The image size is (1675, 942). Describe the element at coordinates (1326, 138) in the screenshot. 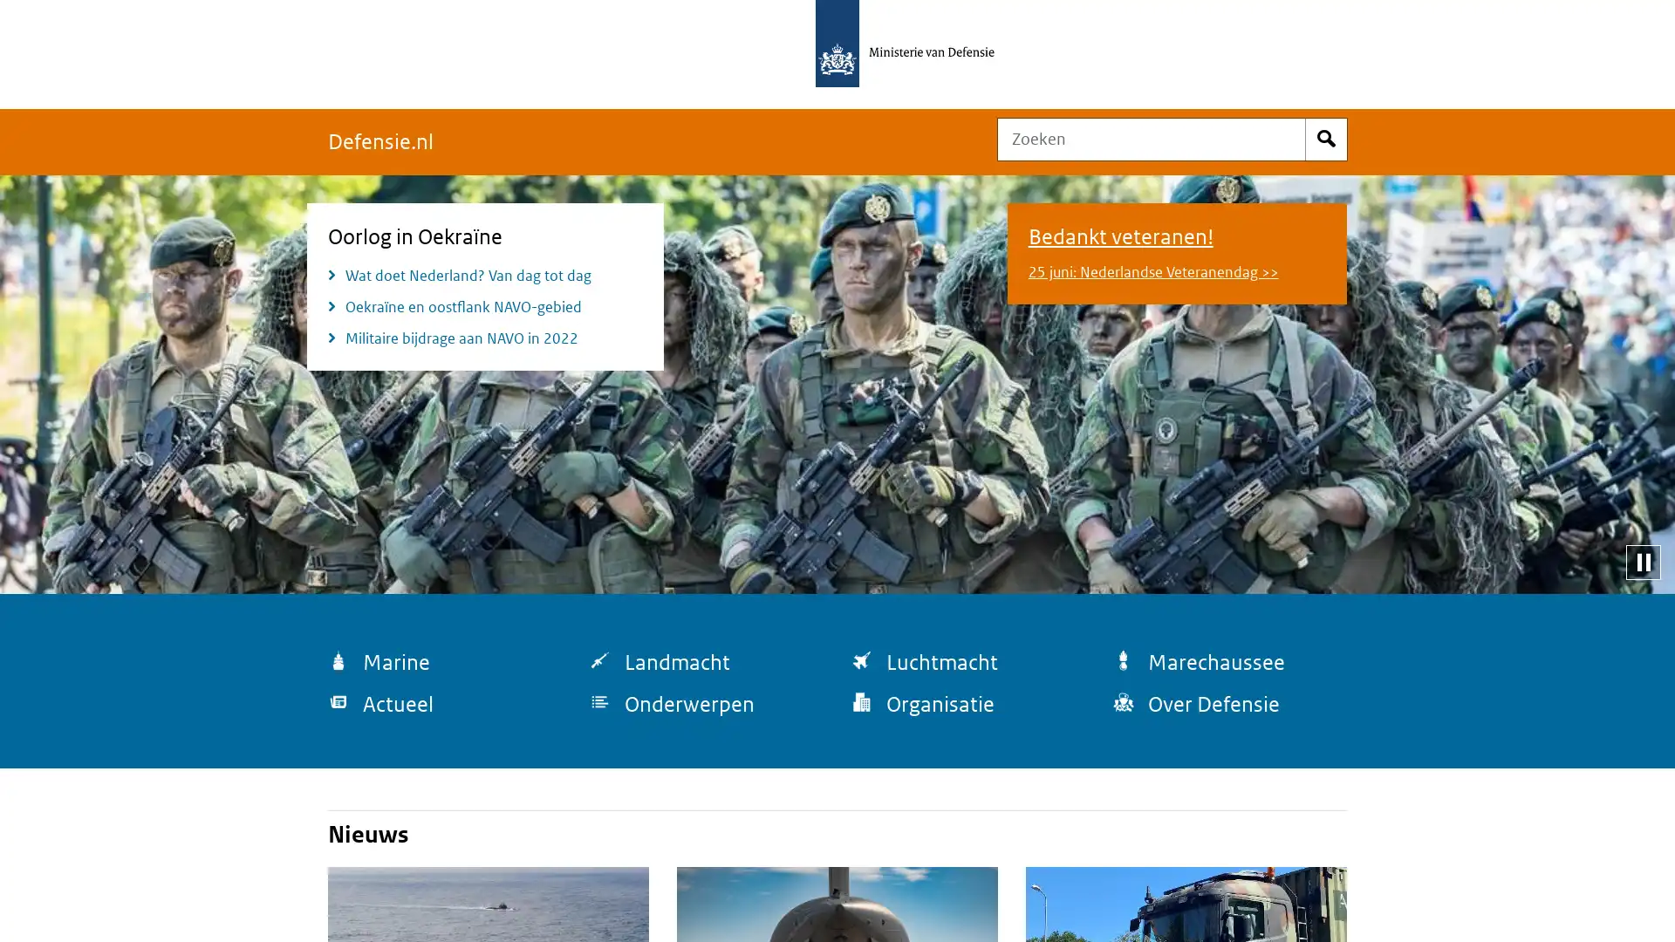

I see `Start zoeken` at that location.